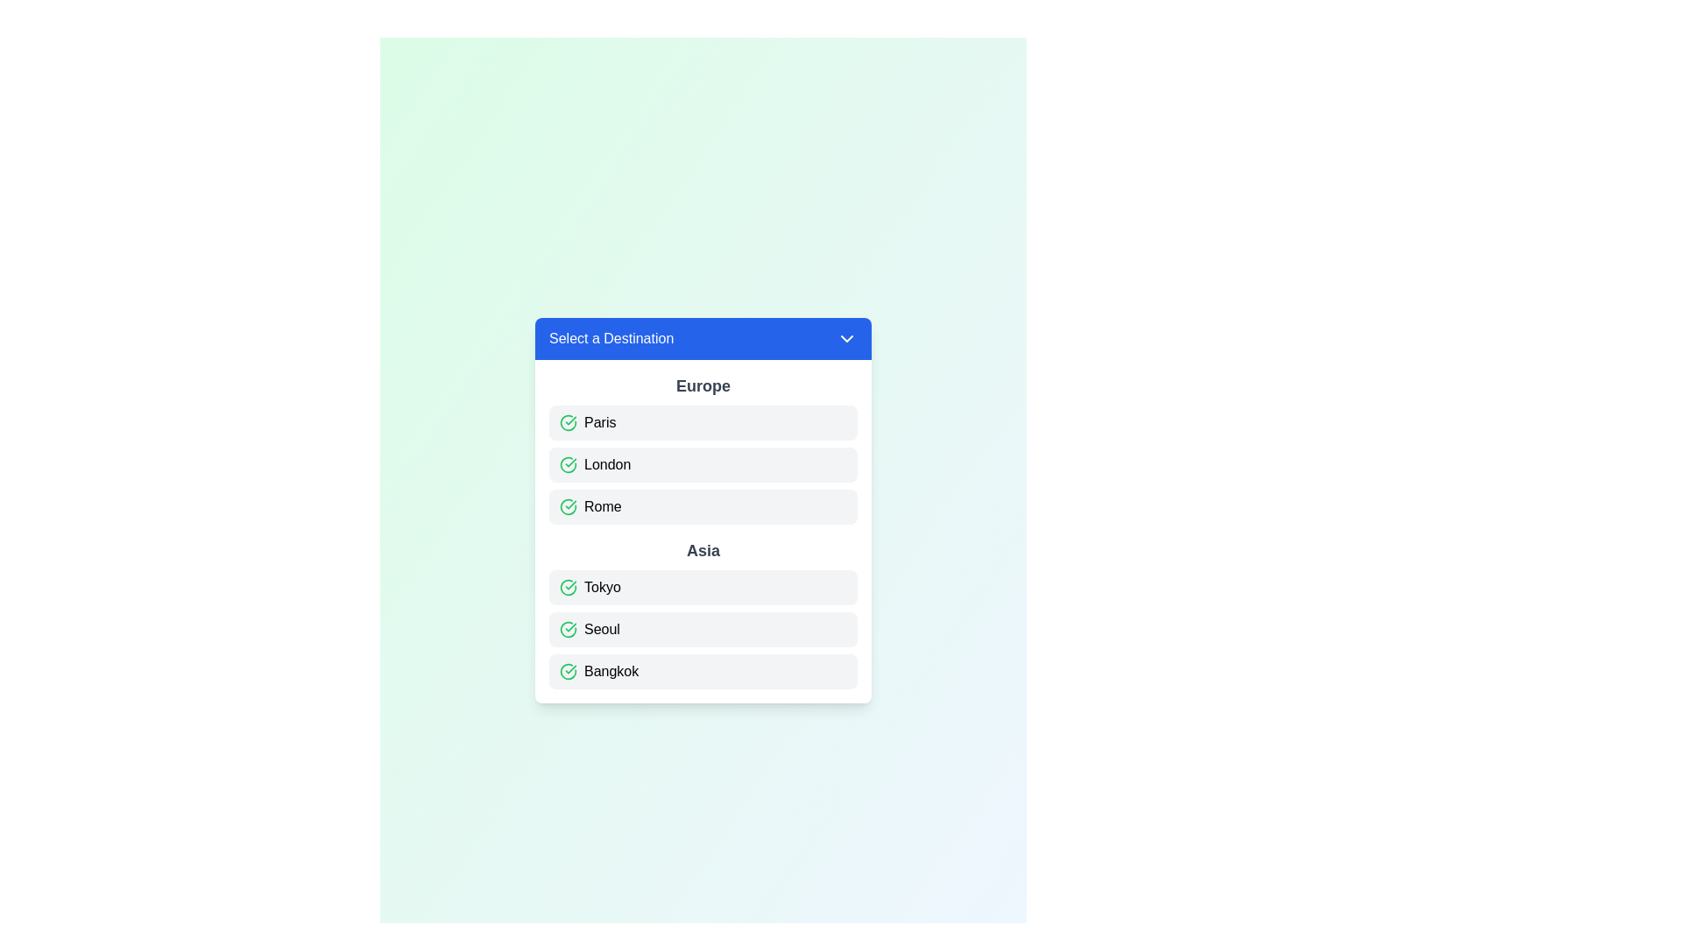 The height and width of the screenshot is (946, 1682). What do you see at coordinates (703, 628) in the screenshot?
I see `the interactive selection button for the city 'Seoul', which is the second option in the list of Asian cities under the 'Asia' section` at bounding box center [703, 628].